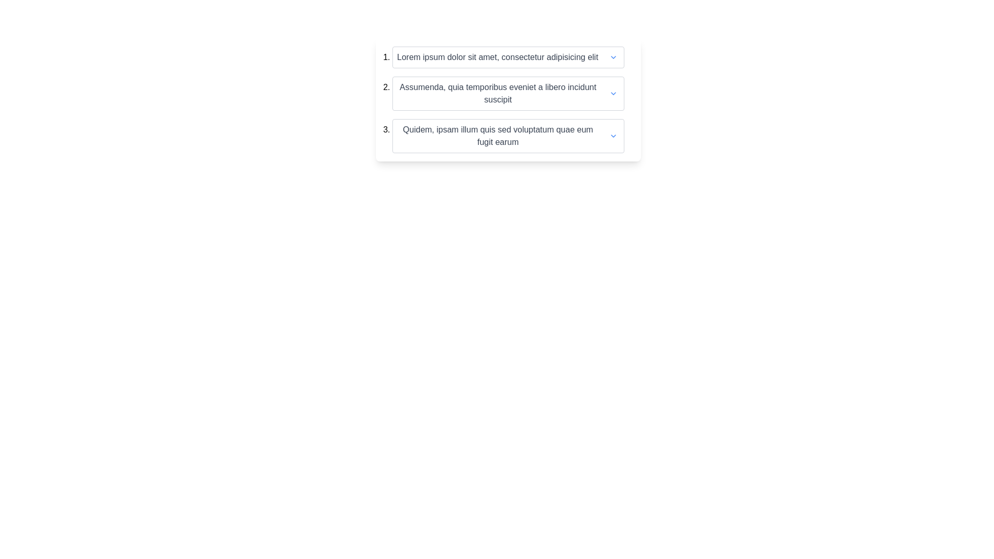 Image resolution: width=994 pixels, height=559 pixels. What do you see at coordinates (613, 57) in the screenshot?
I see `the small downwards-pointing chevron icon, which is positioned at the rightmost end of the first textual list entry` at bounding box center [613, 57].